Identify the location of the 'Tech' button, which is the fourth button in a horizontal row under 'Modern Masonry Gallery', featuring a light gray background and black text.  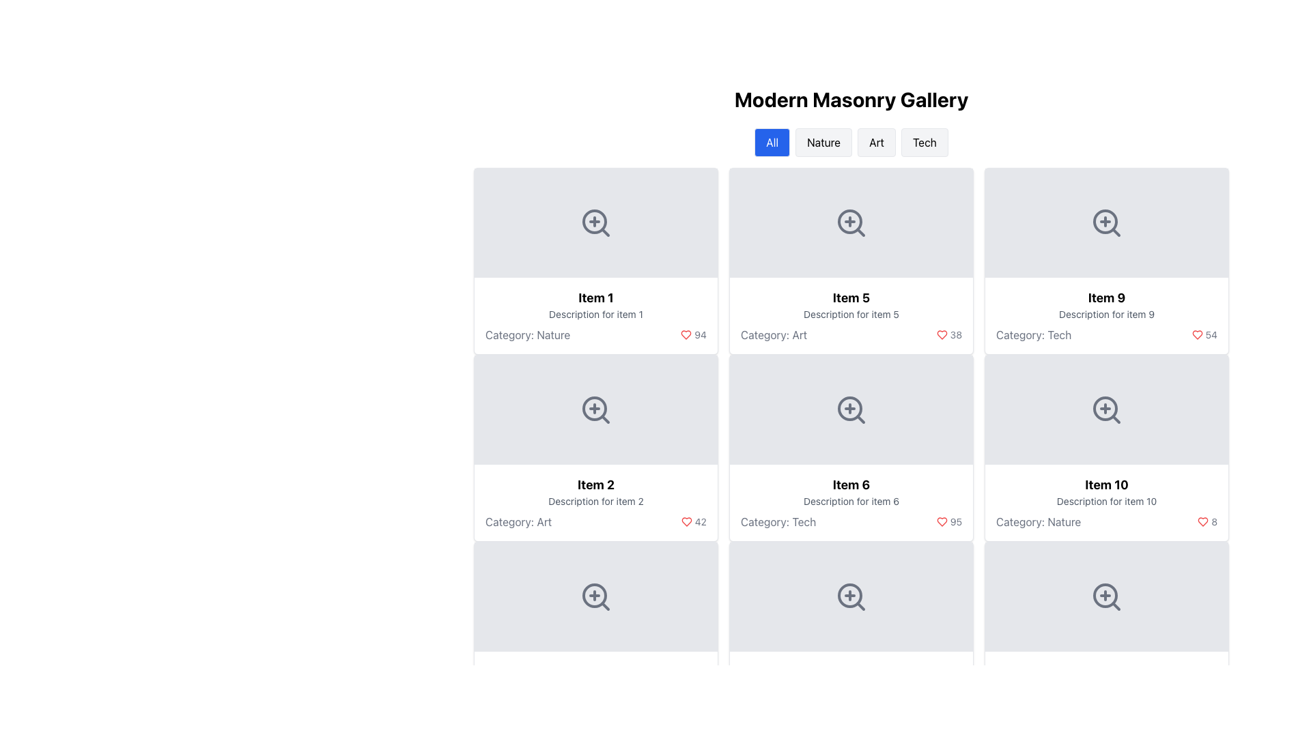
(925, 142).